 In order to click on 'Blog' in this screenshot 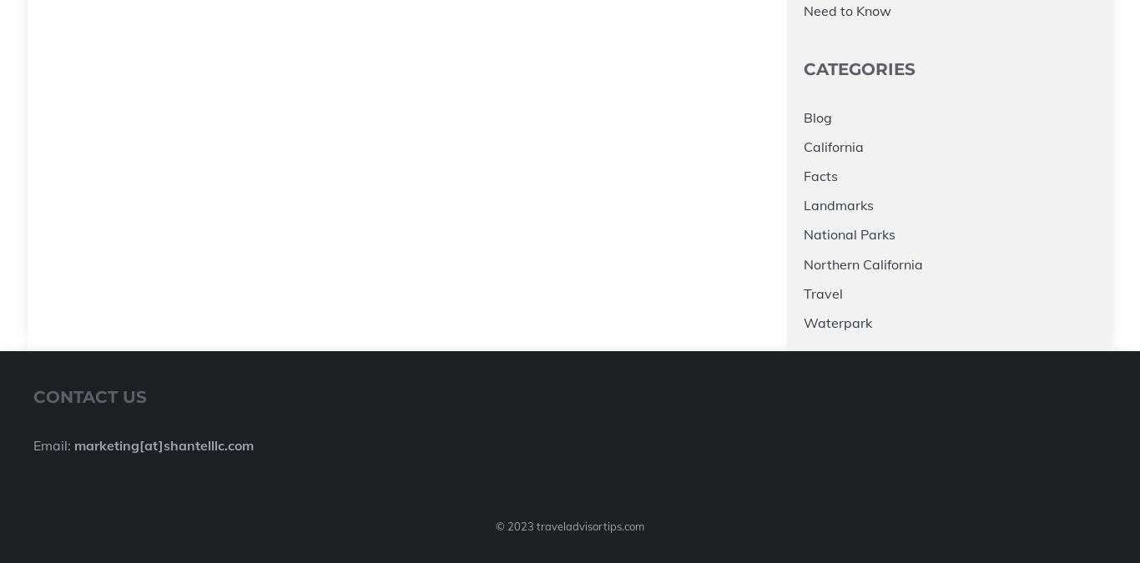, I will do `click(817, 116)`.